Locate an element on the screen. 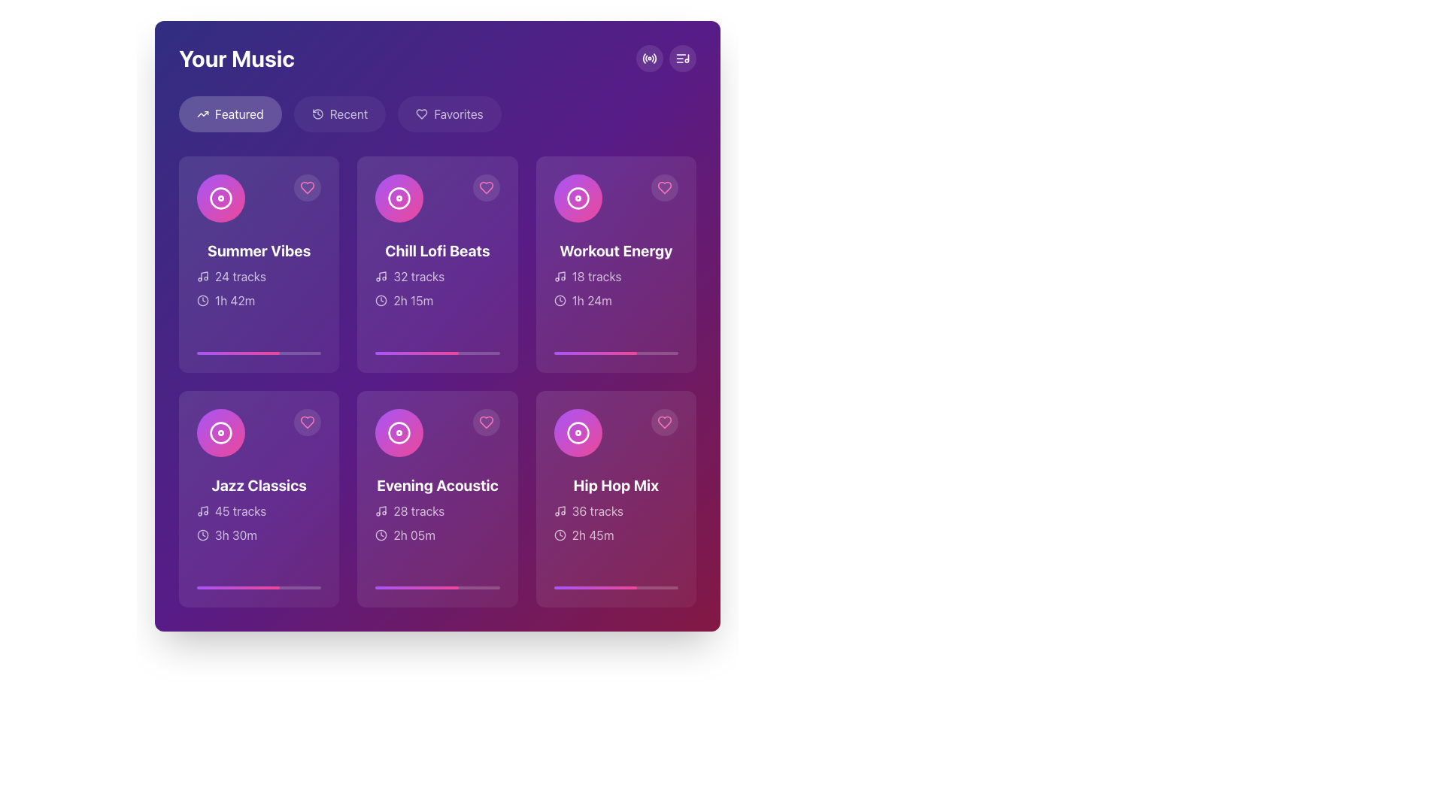 The image size is (1444, 812). text from the Display card for the music mix located at the center of the third entry in the second row of a grid layout, which provides information about the mix including its title, number of tracks, and duration is located at coordinates (616, 509).